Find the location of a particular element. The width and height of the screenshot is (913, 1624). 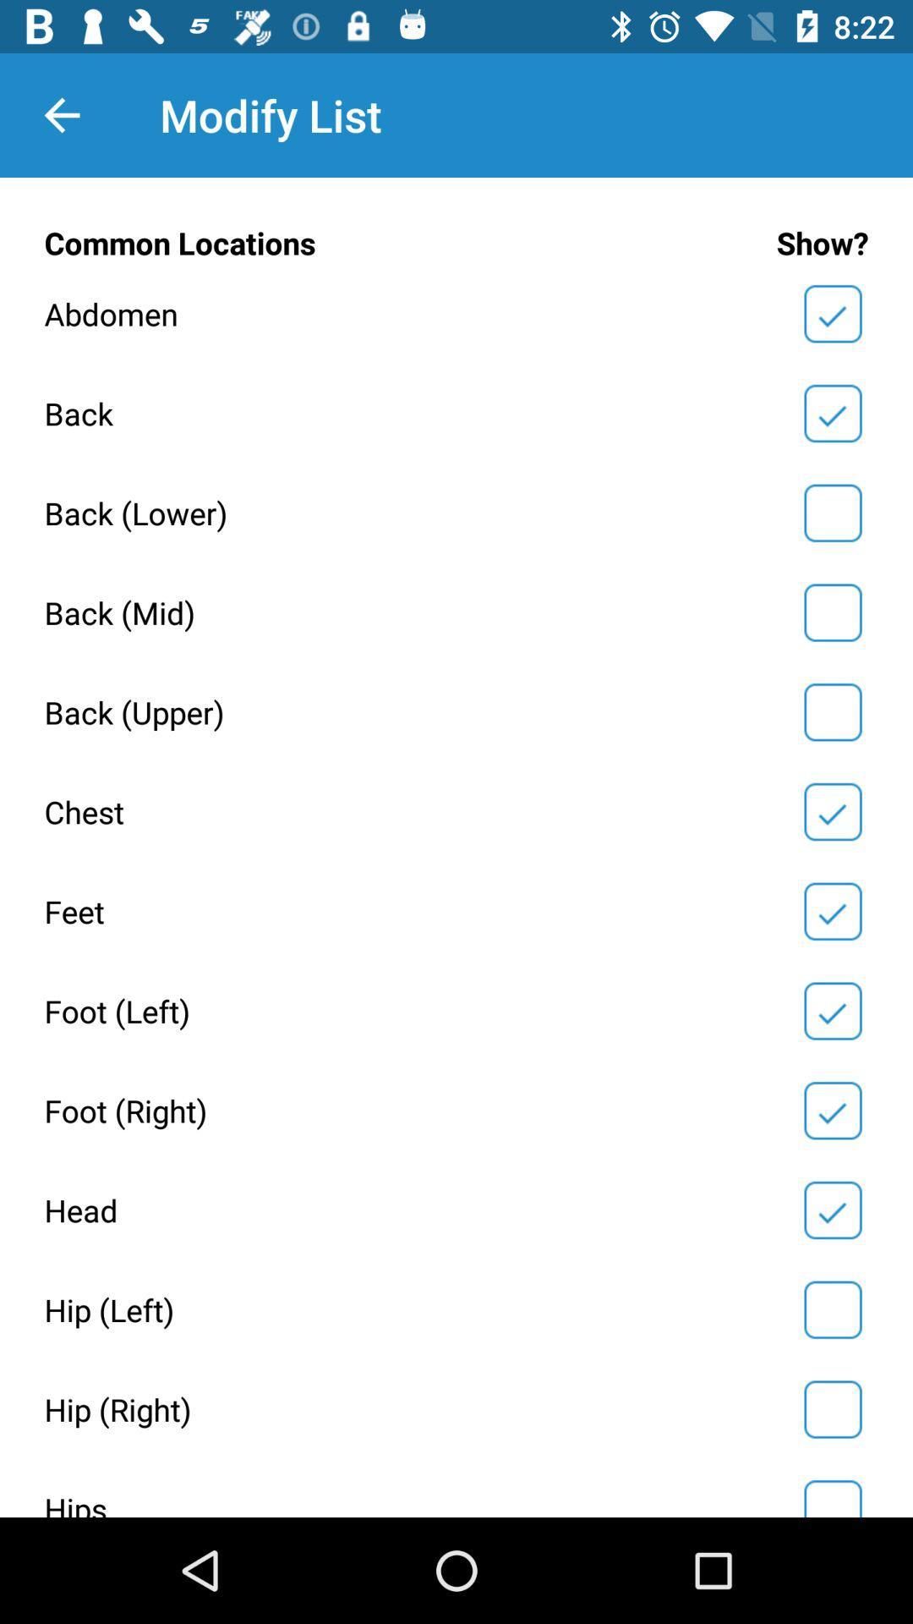

show left hip is located at coordinates (832, 1309).